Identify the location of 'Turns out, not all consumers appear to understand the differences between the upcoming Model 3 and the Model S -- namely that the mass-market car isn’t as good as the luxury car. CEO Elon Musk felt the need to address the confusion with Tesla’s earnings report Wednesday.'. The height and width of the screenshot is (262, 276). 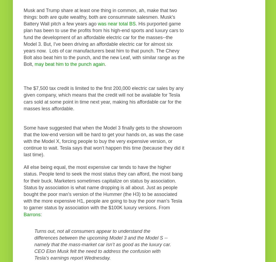
(102, 244).